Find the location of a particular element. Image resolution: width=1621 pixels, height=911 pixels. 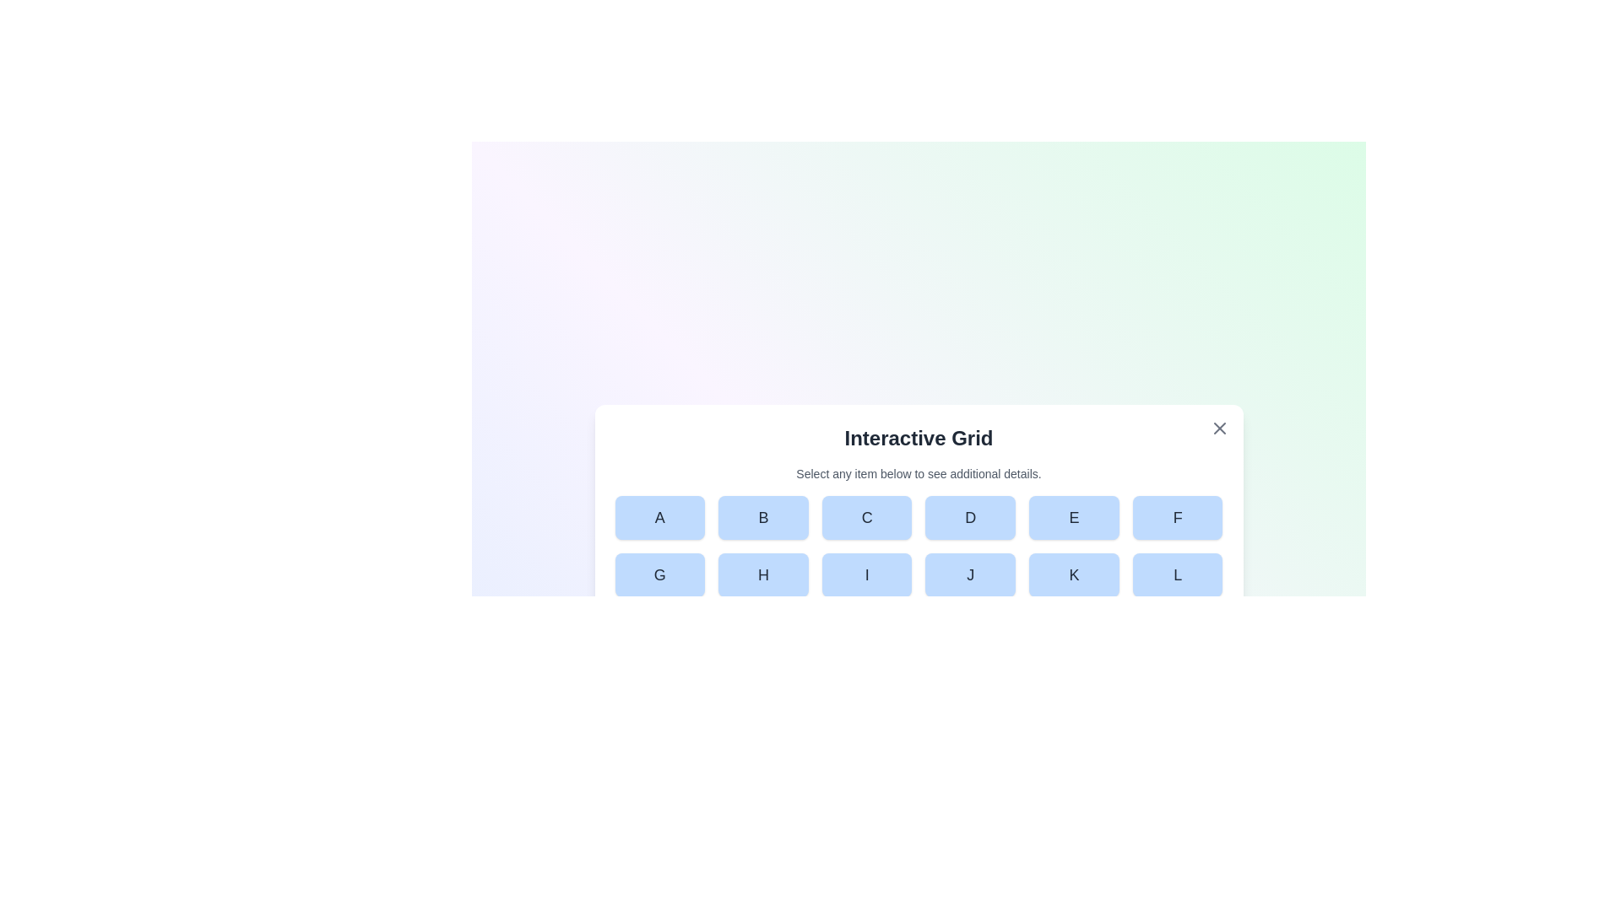

the button labeled J in the grid is located at coordinates (970, 574).